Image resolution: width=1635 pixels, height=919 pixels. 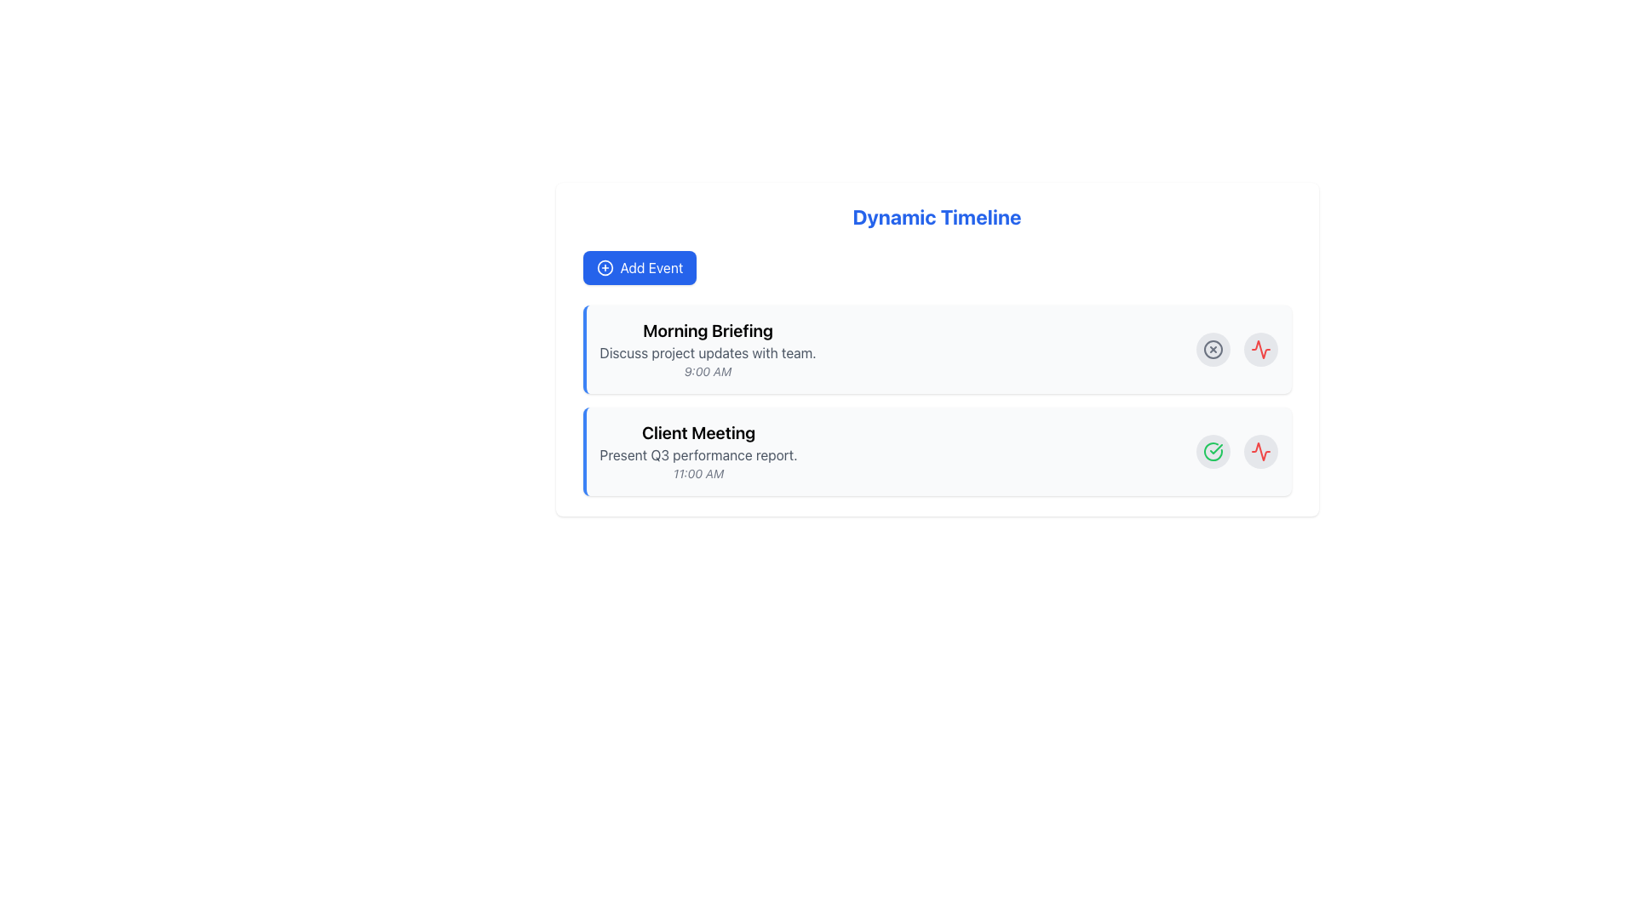 I want to click on the 'Add Event' button located below the 'Dynamic Timeline' title, so click(x=639, y=268).